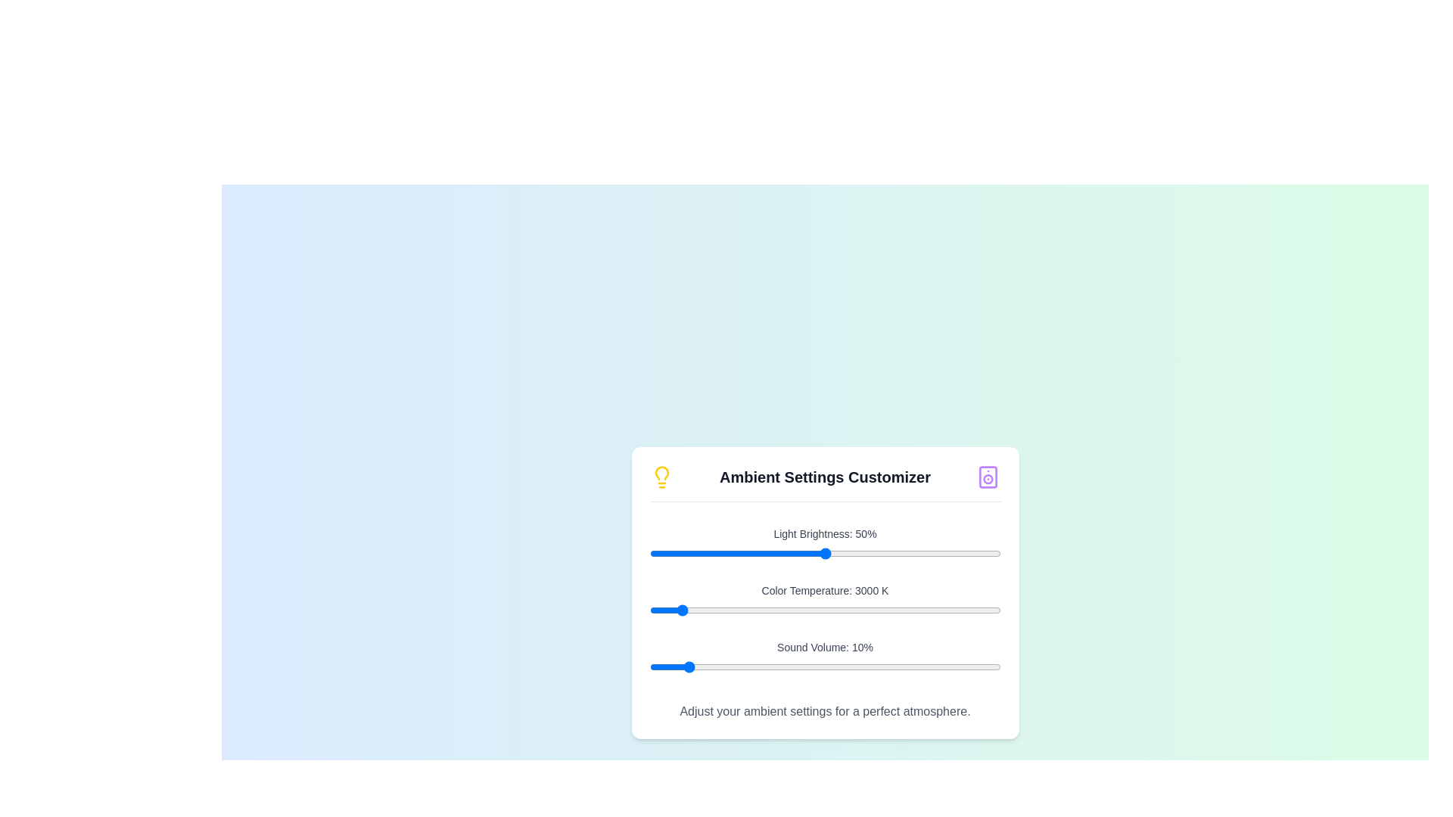 Image resolution: width=1453 pixels, height=817 pixels. What do you see at coordinates (828, 554) in the screenshot?
I see `the light brightness` at bounding box center [828, 554].